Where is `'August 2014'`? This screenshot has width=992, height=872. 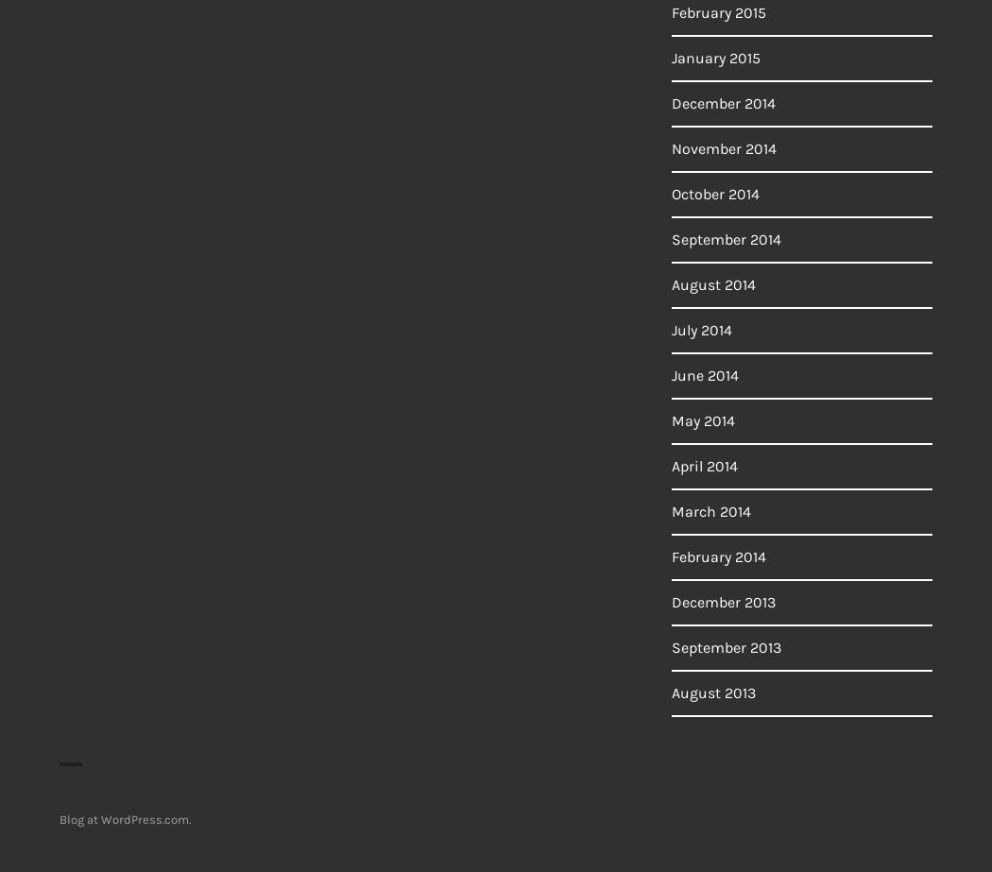
'August 2014' is located at coordinates (713, 284).